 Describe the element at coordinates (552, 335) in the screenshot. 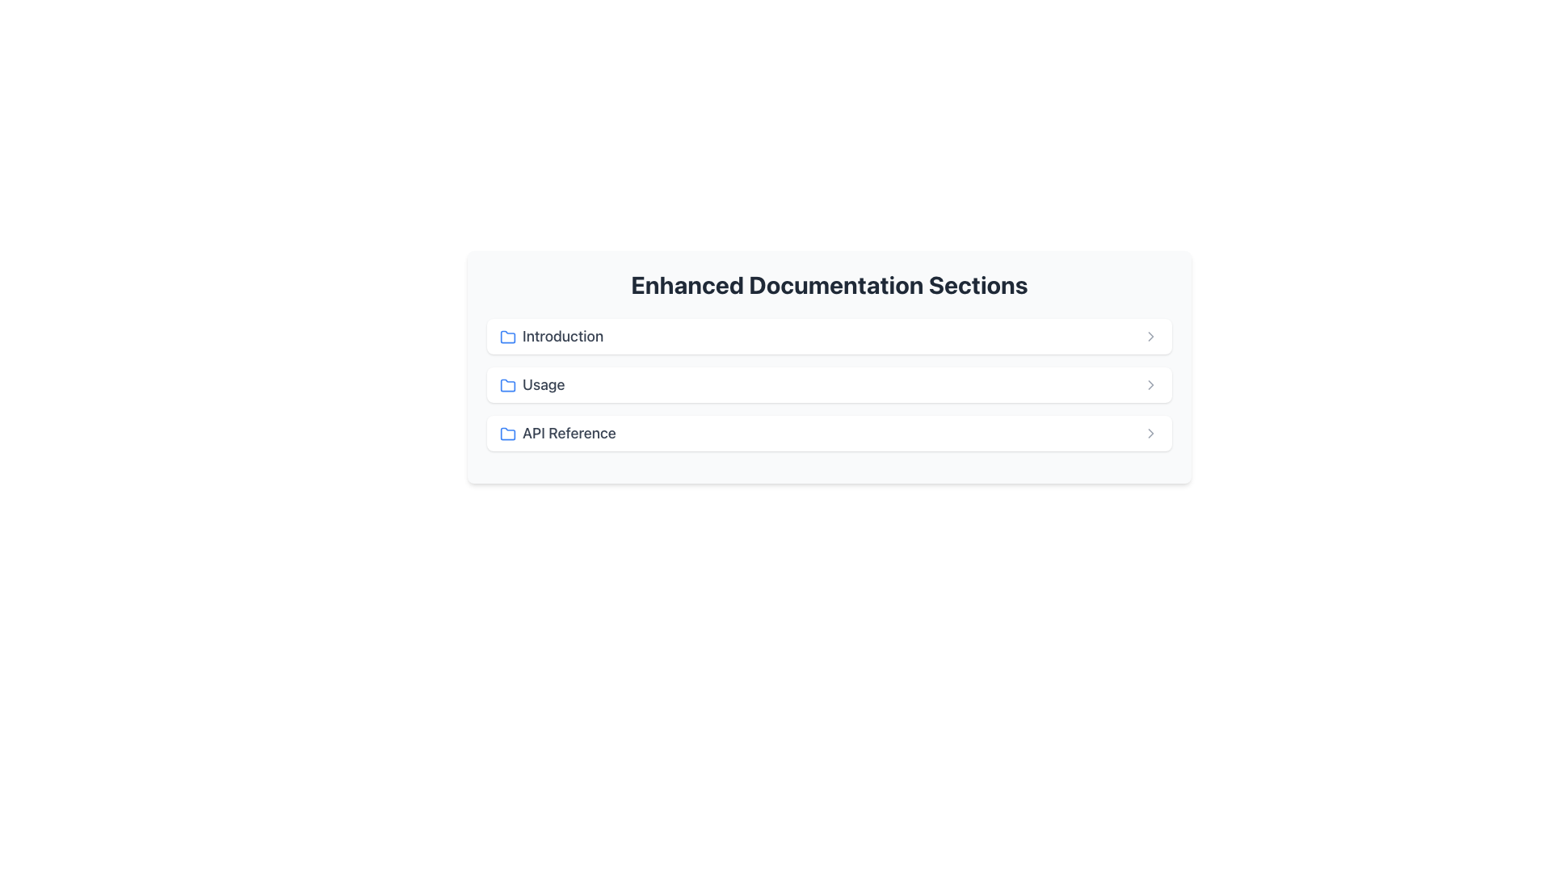

I see `the 'Introduction' text label, which is the first item in the list and is styled in a larger font size with gray color, positioned within a white card beneath 'Enhanced Documentation Sections'` at that location.